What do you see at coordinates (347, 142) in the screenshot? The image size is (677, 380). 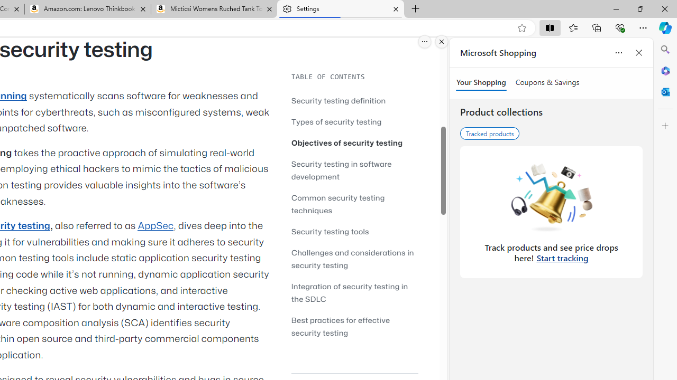 I see `'Objectives of security testing'` at bounding box center [347, 142].